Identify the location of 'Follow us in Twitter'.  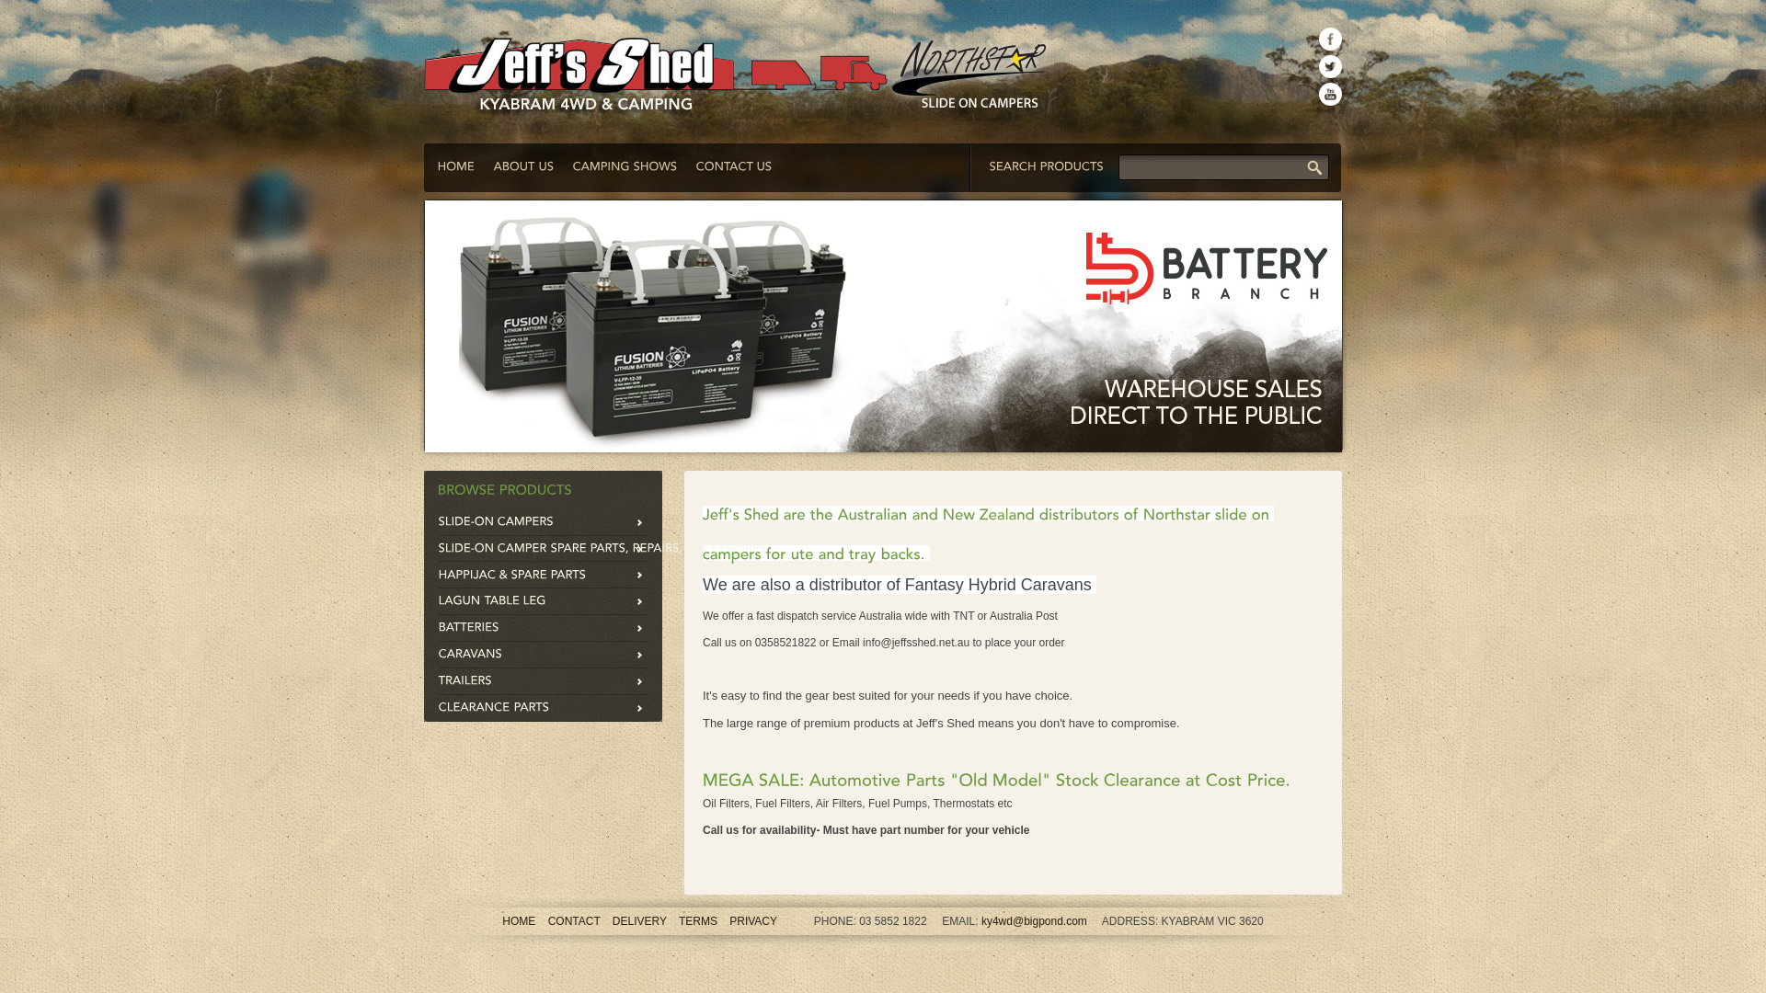
(1330, 65).